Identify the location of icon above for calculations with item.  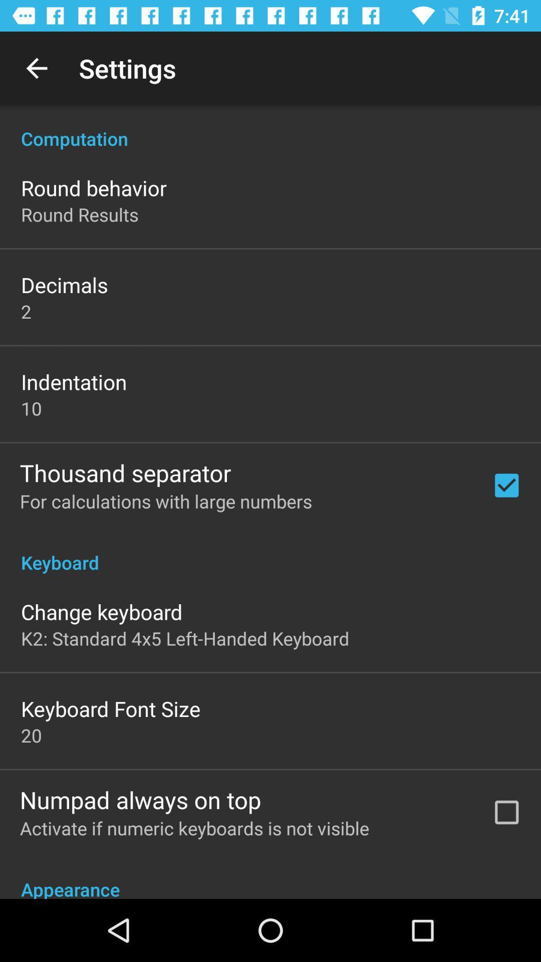
(125, 472).